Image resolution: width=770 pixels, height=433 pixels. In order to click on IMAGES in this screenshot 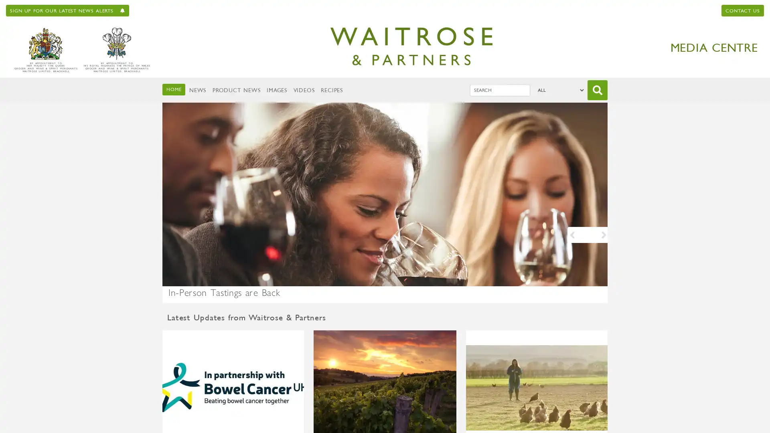, I will do `click(277, 90)`.